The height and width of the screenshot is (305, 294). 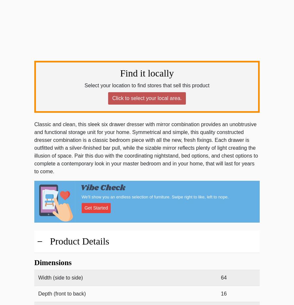 I want to click on 'Depth (front to back)', so click(x=62, y=294).